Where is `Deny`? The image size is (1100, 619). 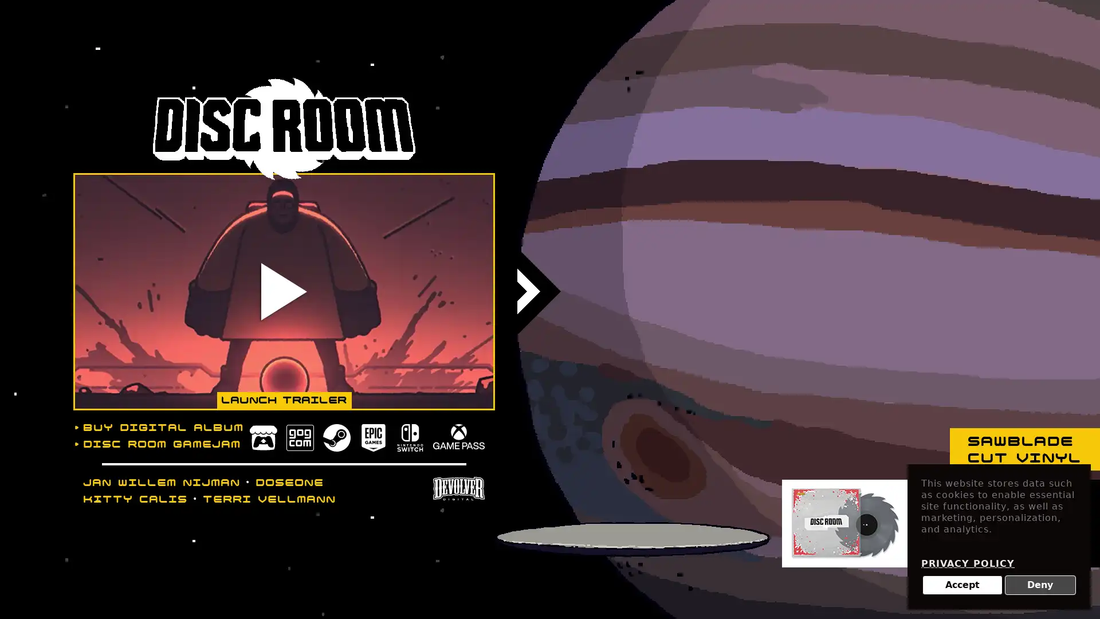 Deny is located at coordinates (1040, 585).